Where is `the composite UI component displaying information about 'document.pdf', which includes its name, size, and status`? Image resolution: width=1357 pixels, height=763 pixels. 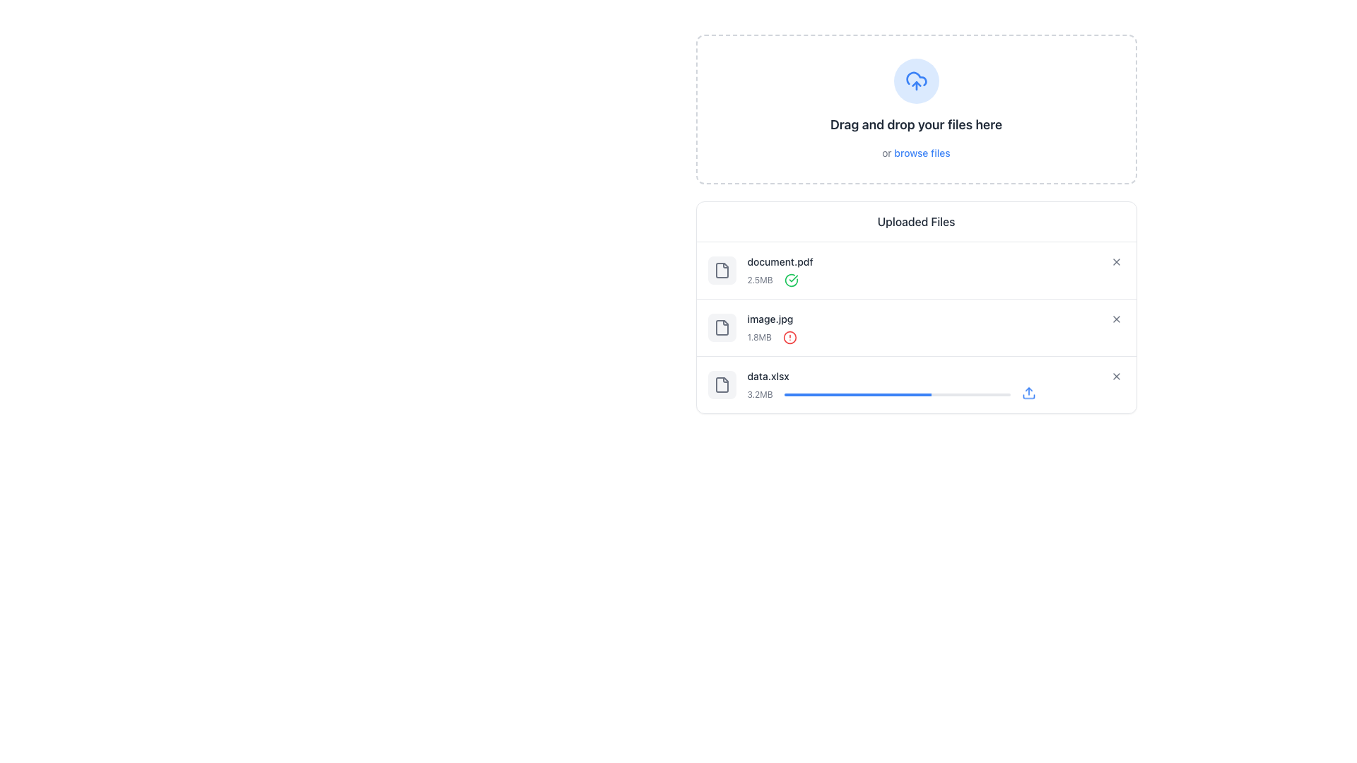 the composite UI component displaying information about 'document.pdf', which includes its name, size, and status is located at coordinates (936, 270).